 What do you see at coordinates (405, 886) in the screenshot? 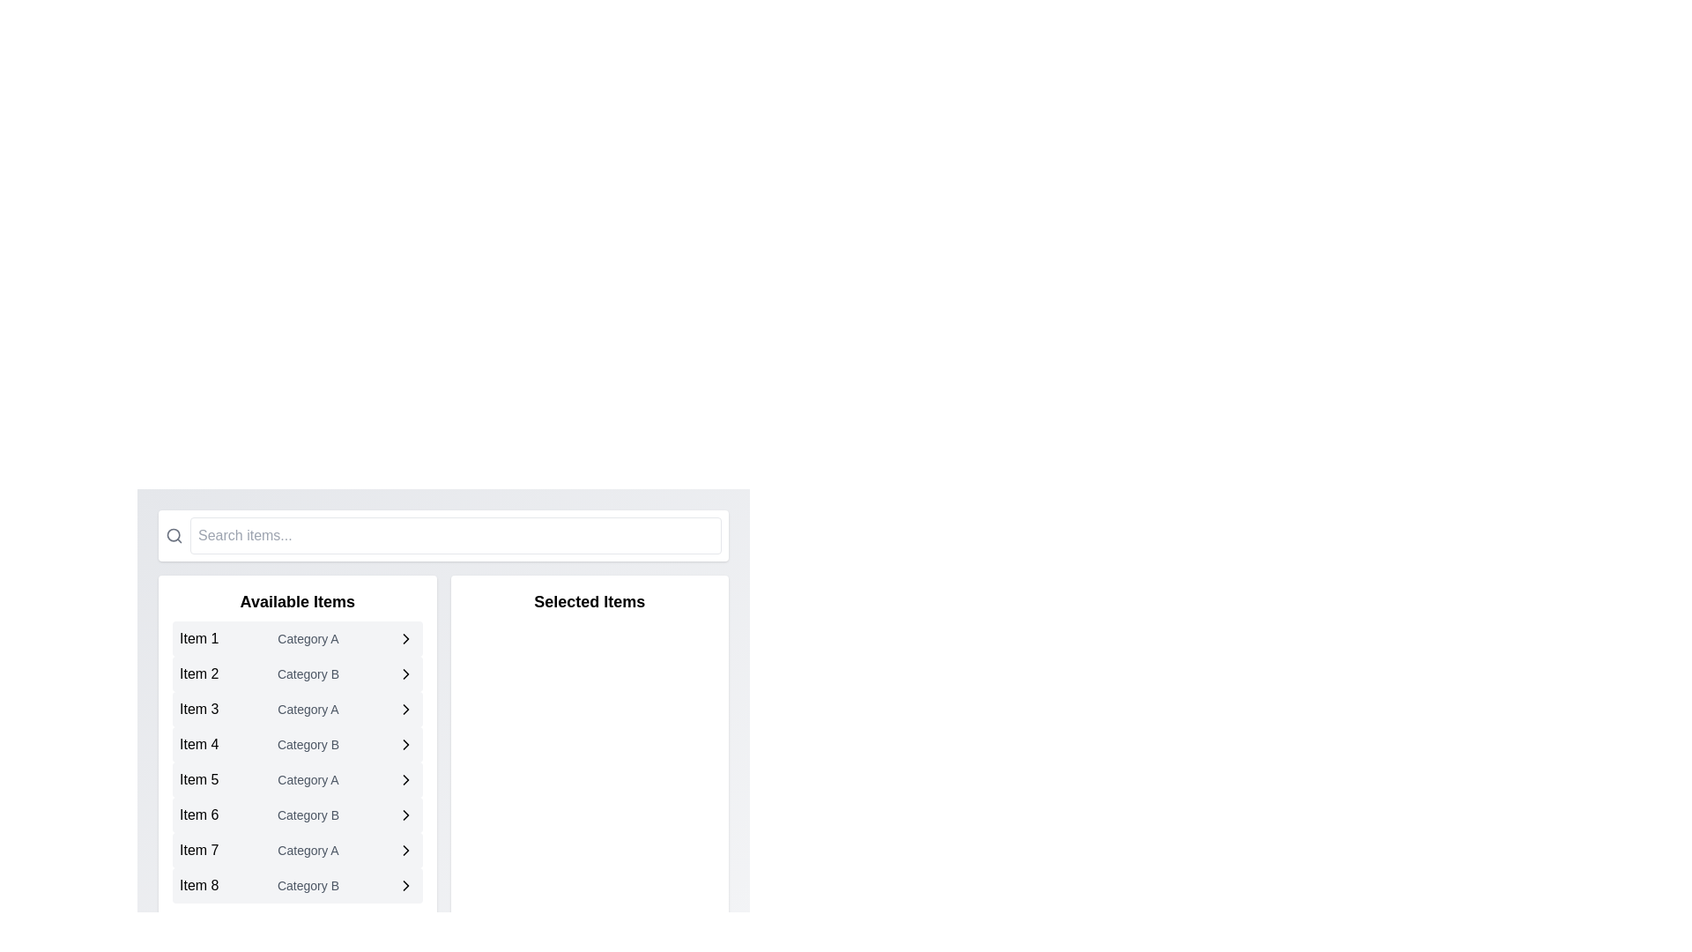
I see `the right-pointing chevron icon located to the right of 'Item 8' and 'Category B' label in the bottom-most list item of the 'Available Items' section` at bounding box center [405, 886].